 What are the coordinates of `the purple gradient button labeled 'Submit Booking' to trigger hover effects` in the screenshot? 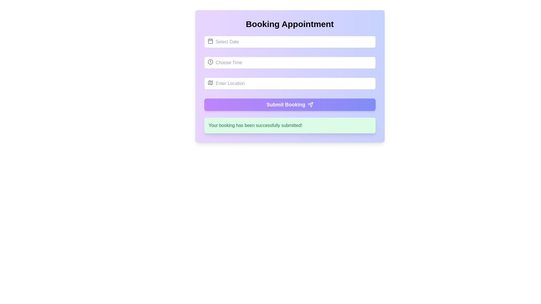 It's located at (290, 104).